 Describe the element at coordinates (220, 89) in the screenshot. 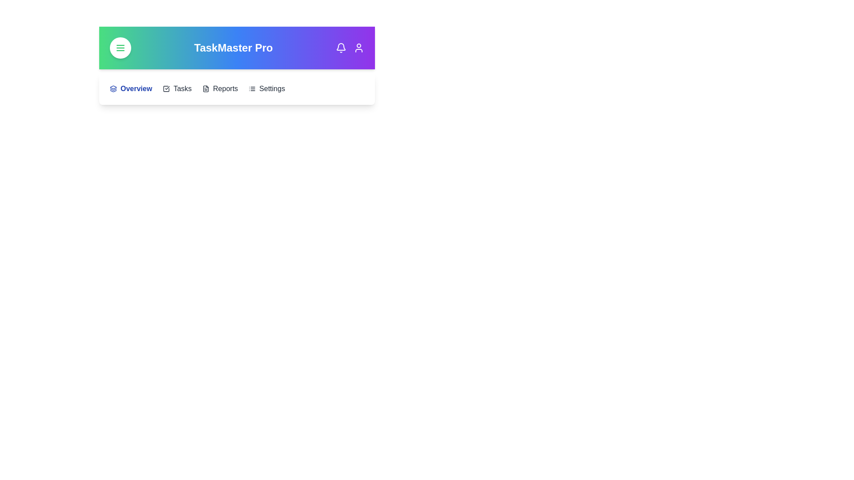

I see `the tab Reports from the navigation bar` at that location.